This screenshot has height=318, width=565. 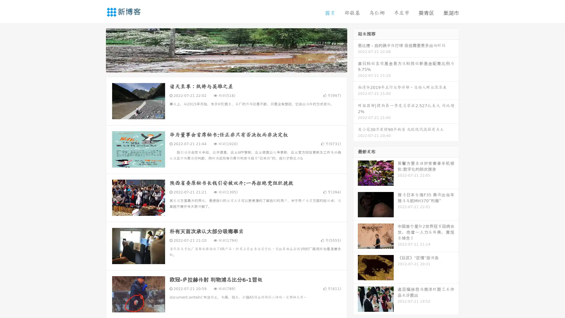 What do you see at coordinates (220, 66) in the screenshot?
I see `Go to slide 1` at bounding box center [220, 66].